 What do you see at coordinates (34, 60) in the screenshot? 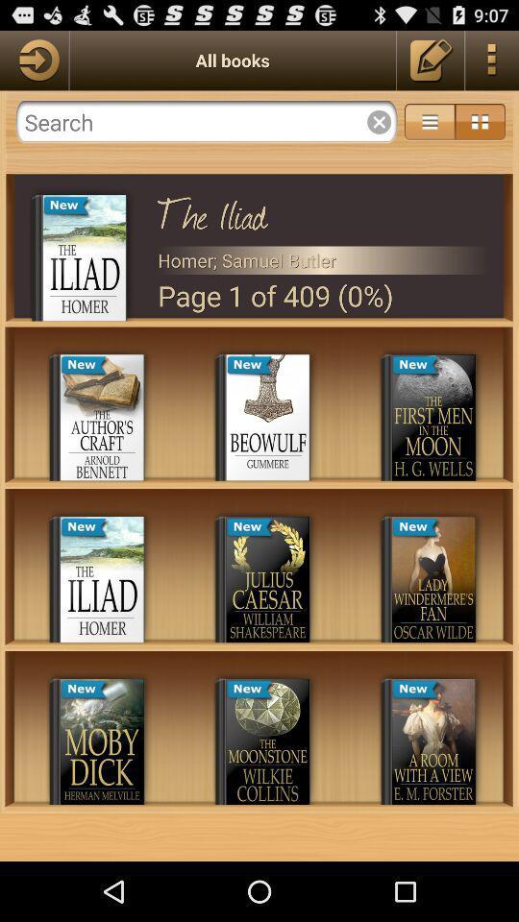
I see `next page` at bounding box center [34, 60].